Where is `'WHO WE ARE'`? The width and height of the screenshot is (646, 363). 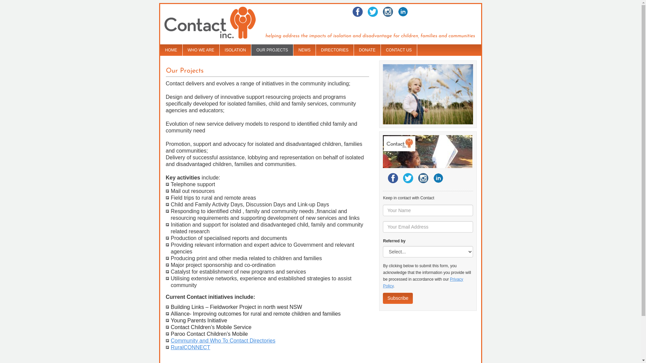 'WHO WE ARE' is located at coordinates (182, 50).